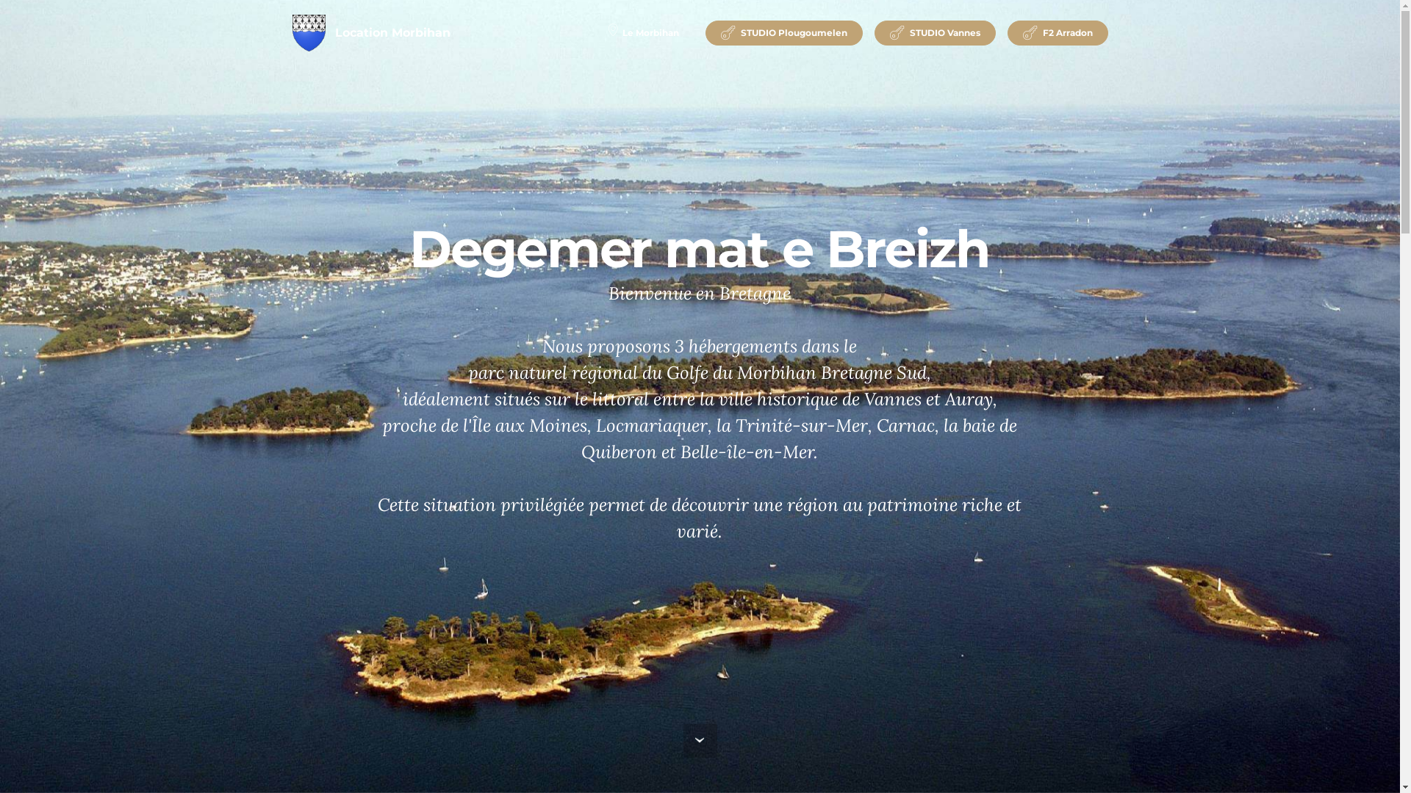  Describe the element at coordinates (1057, 33) in the screenshot. I see `'F2 Arradon'` at that location.